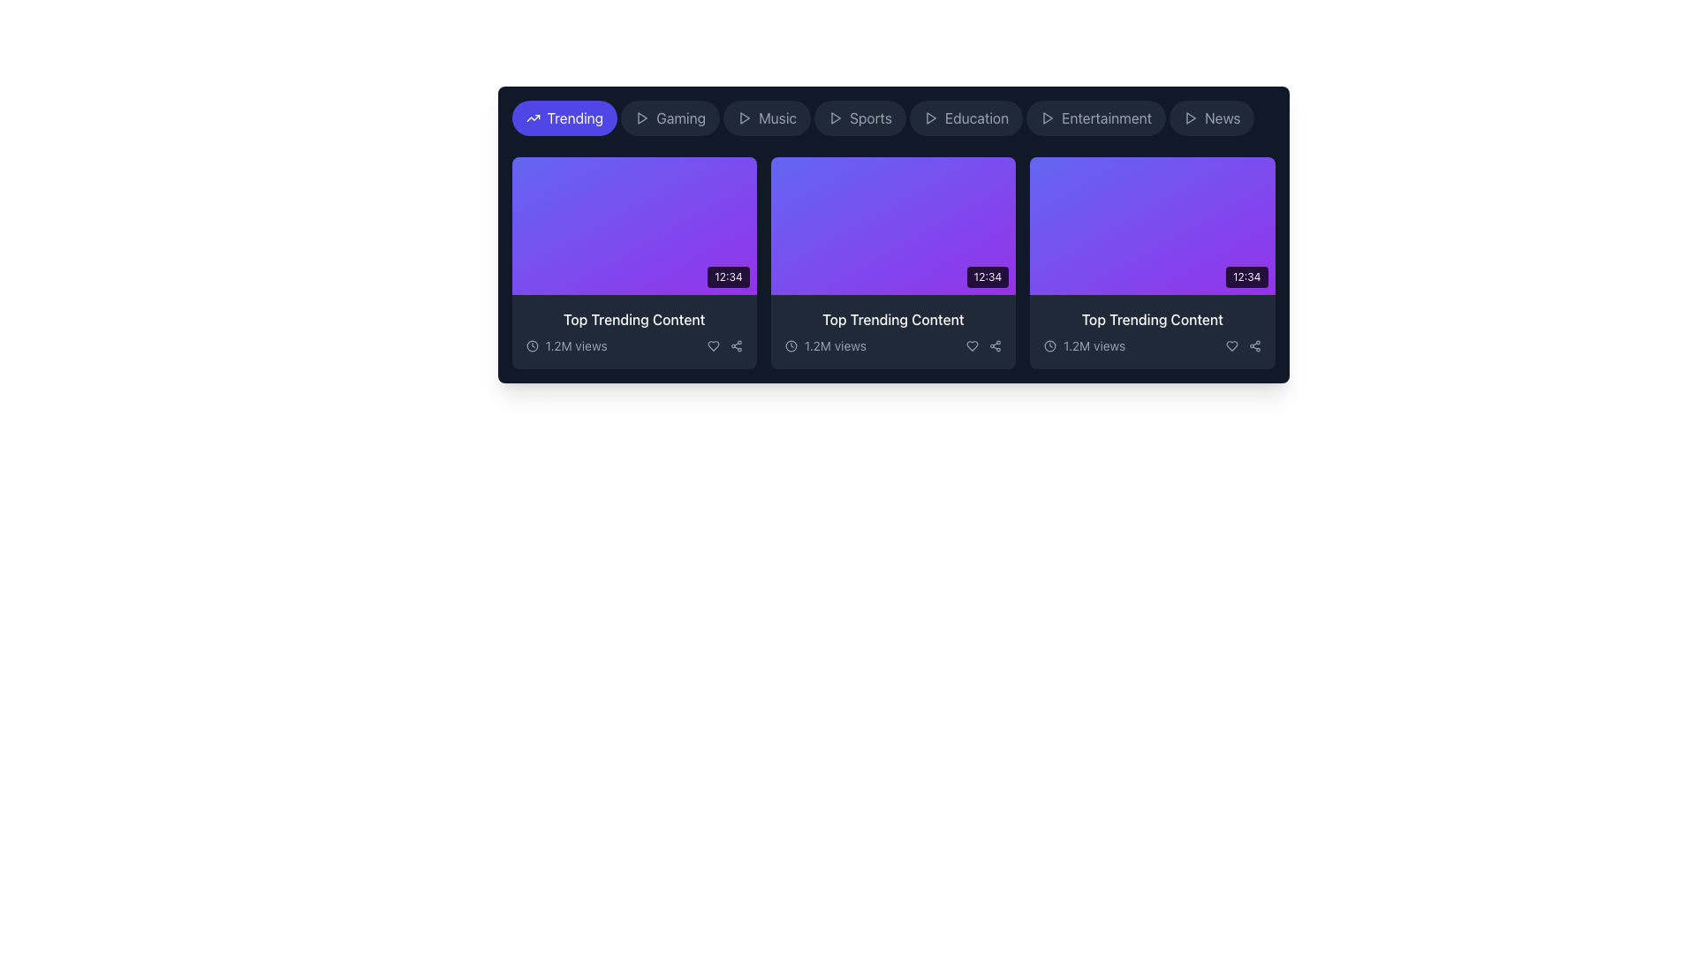  What do you see at coordinates (1152, 262) in the screenshot?
I see `the third card in the grid layout of 'Top Trending Content'` at bounding box center [1152, 262].